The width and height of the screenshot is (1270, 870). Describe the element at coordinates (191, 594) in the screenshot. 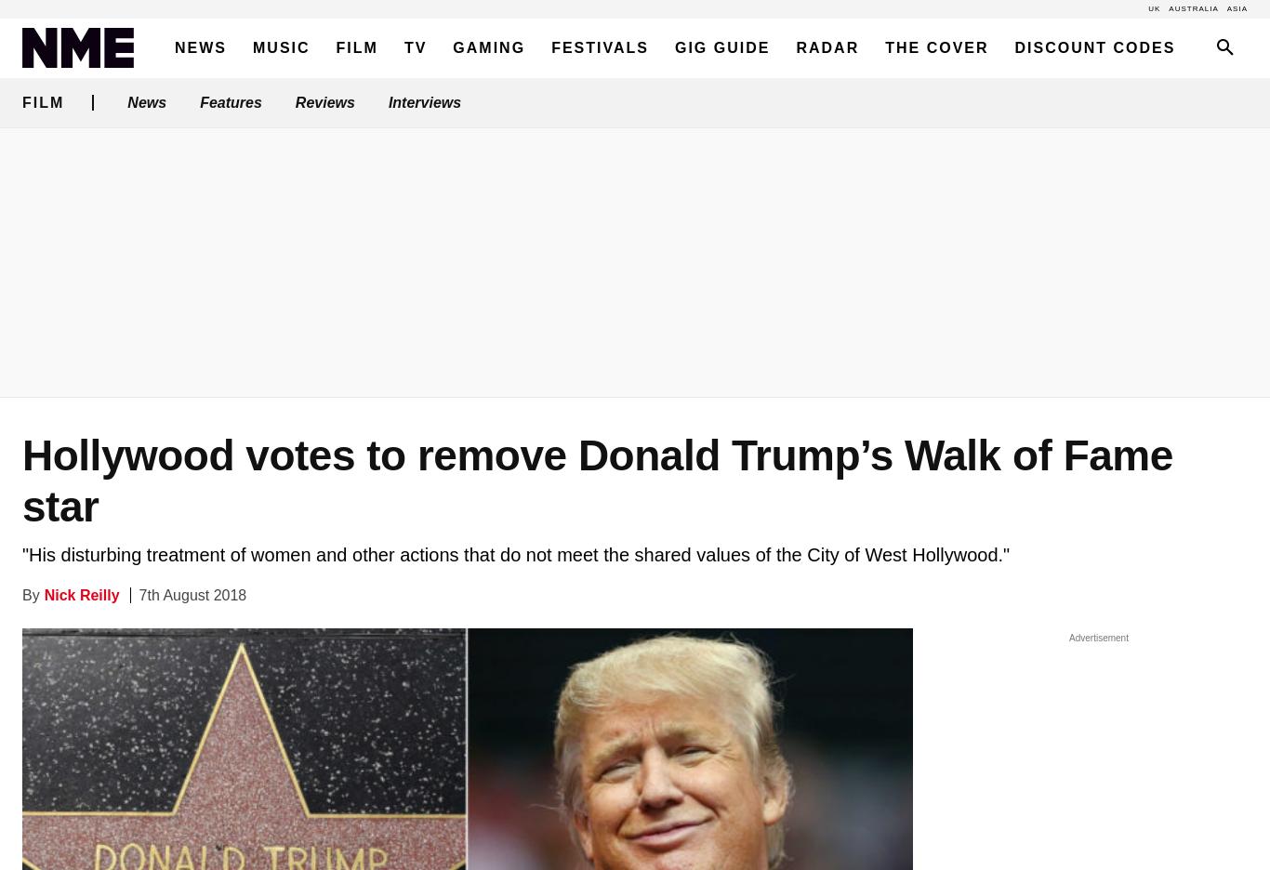

I see `'7th August 2018'` at that location.